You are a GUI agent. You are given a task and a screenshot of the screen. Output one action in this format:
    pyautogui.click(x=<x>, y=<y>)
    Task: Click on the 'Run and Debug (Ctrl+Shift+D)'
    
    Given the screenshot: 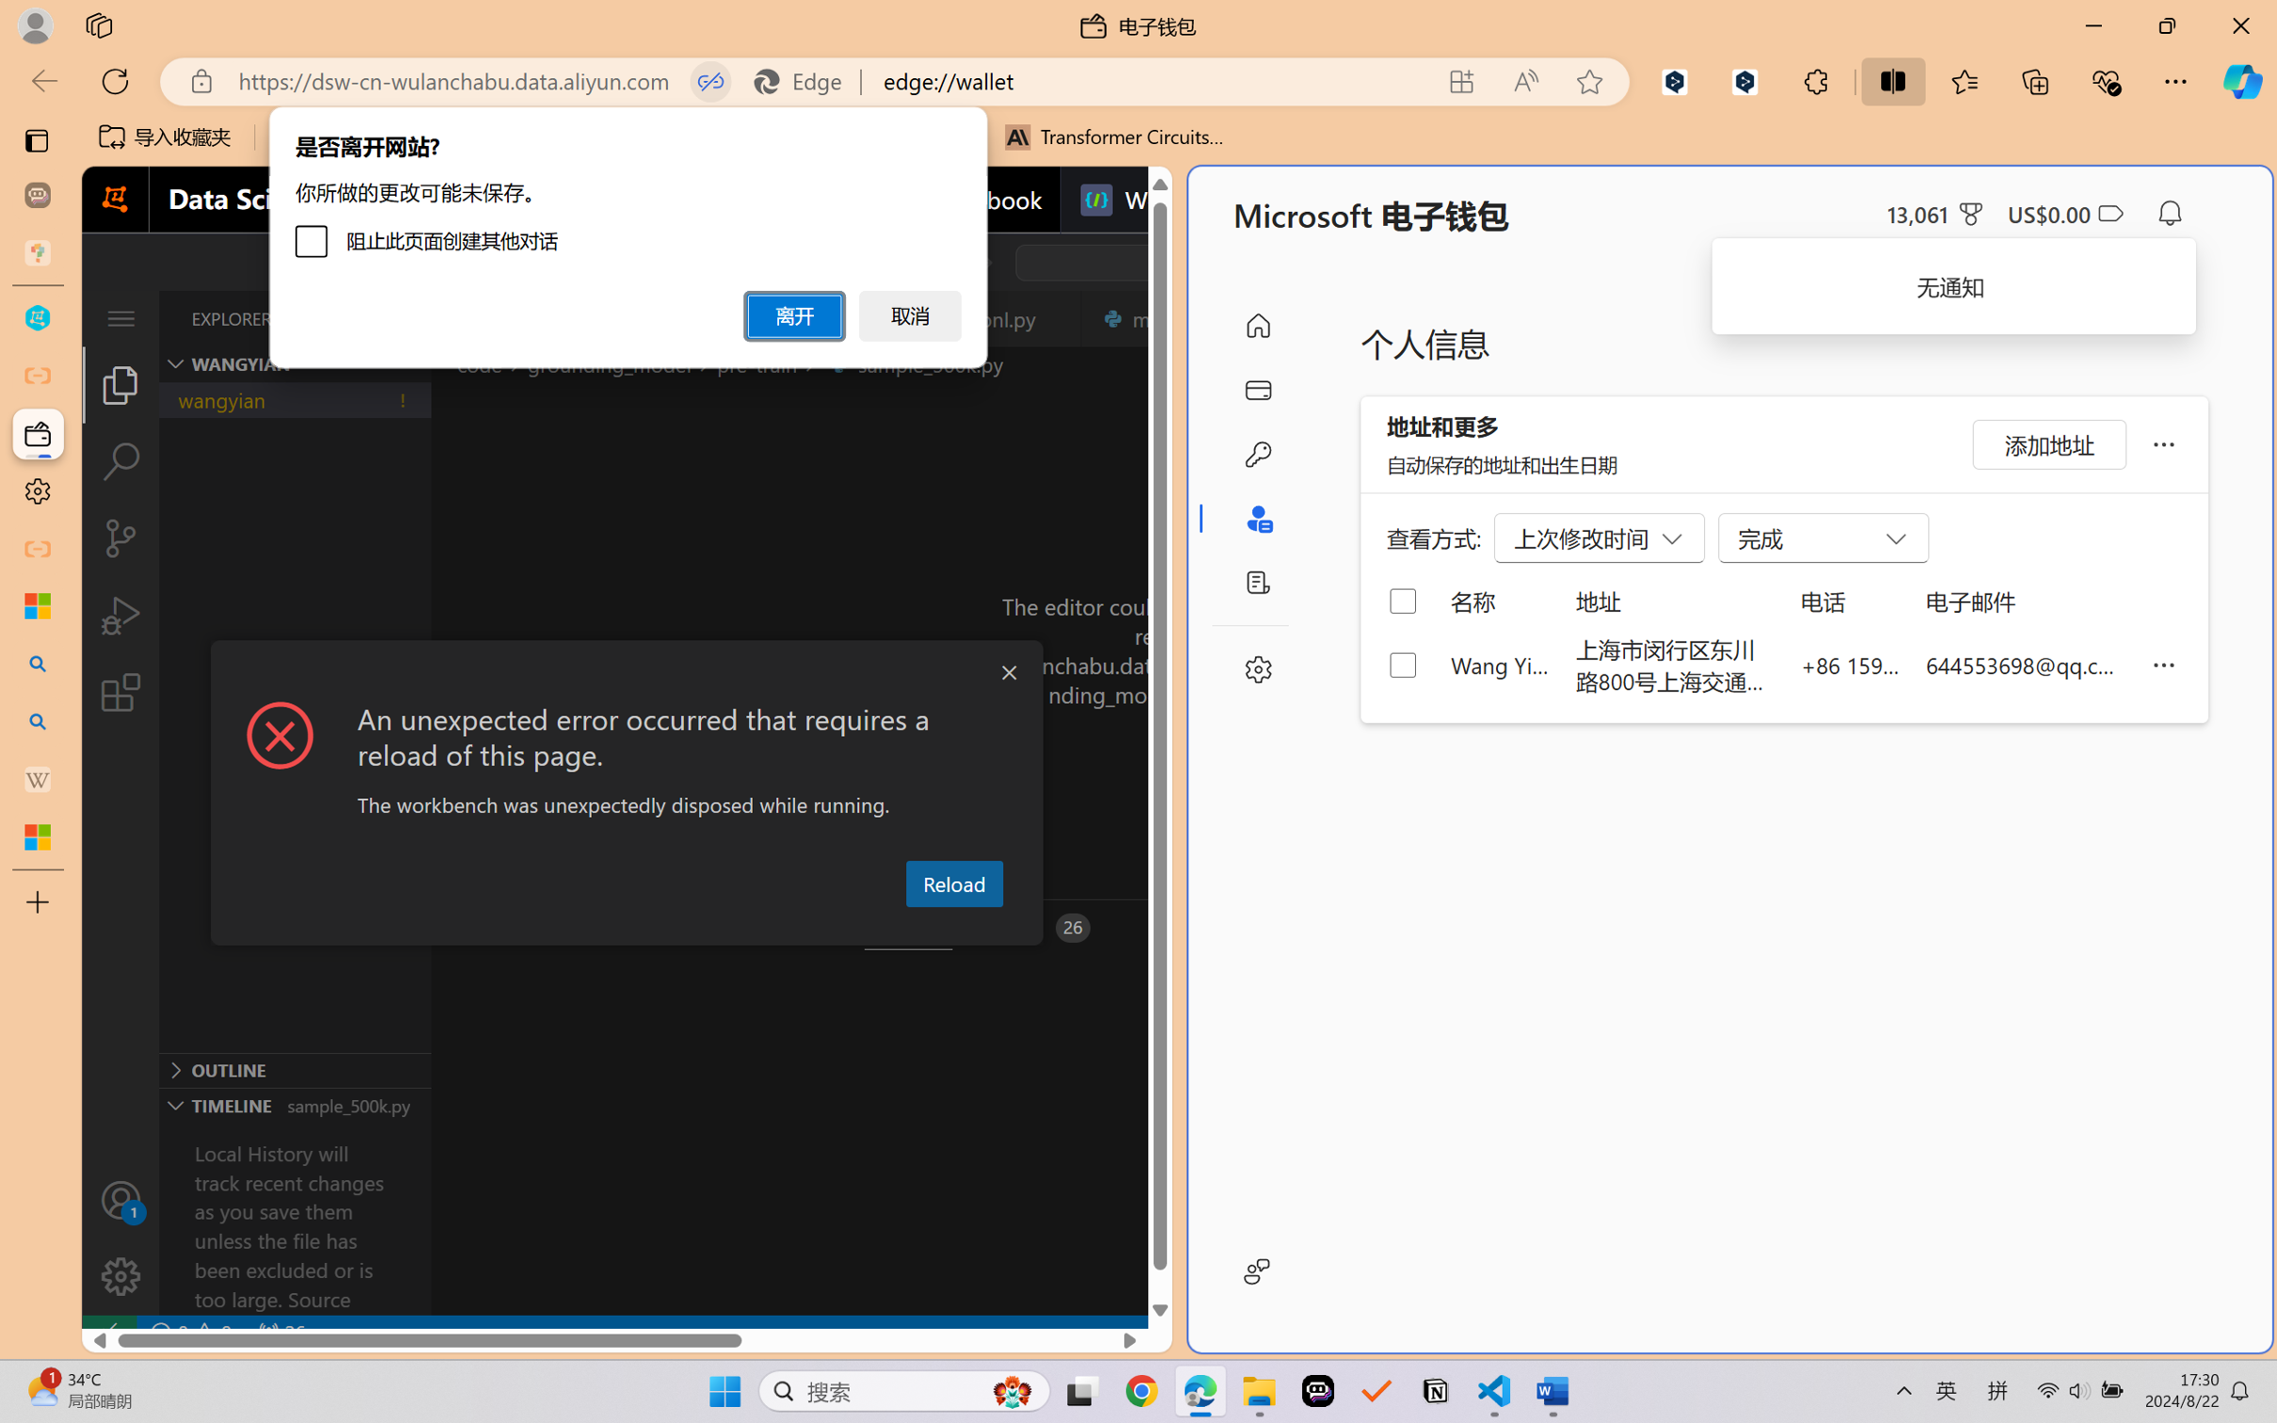 What is the action you would take?
    pyautogui.click(x=119, y=615)
    